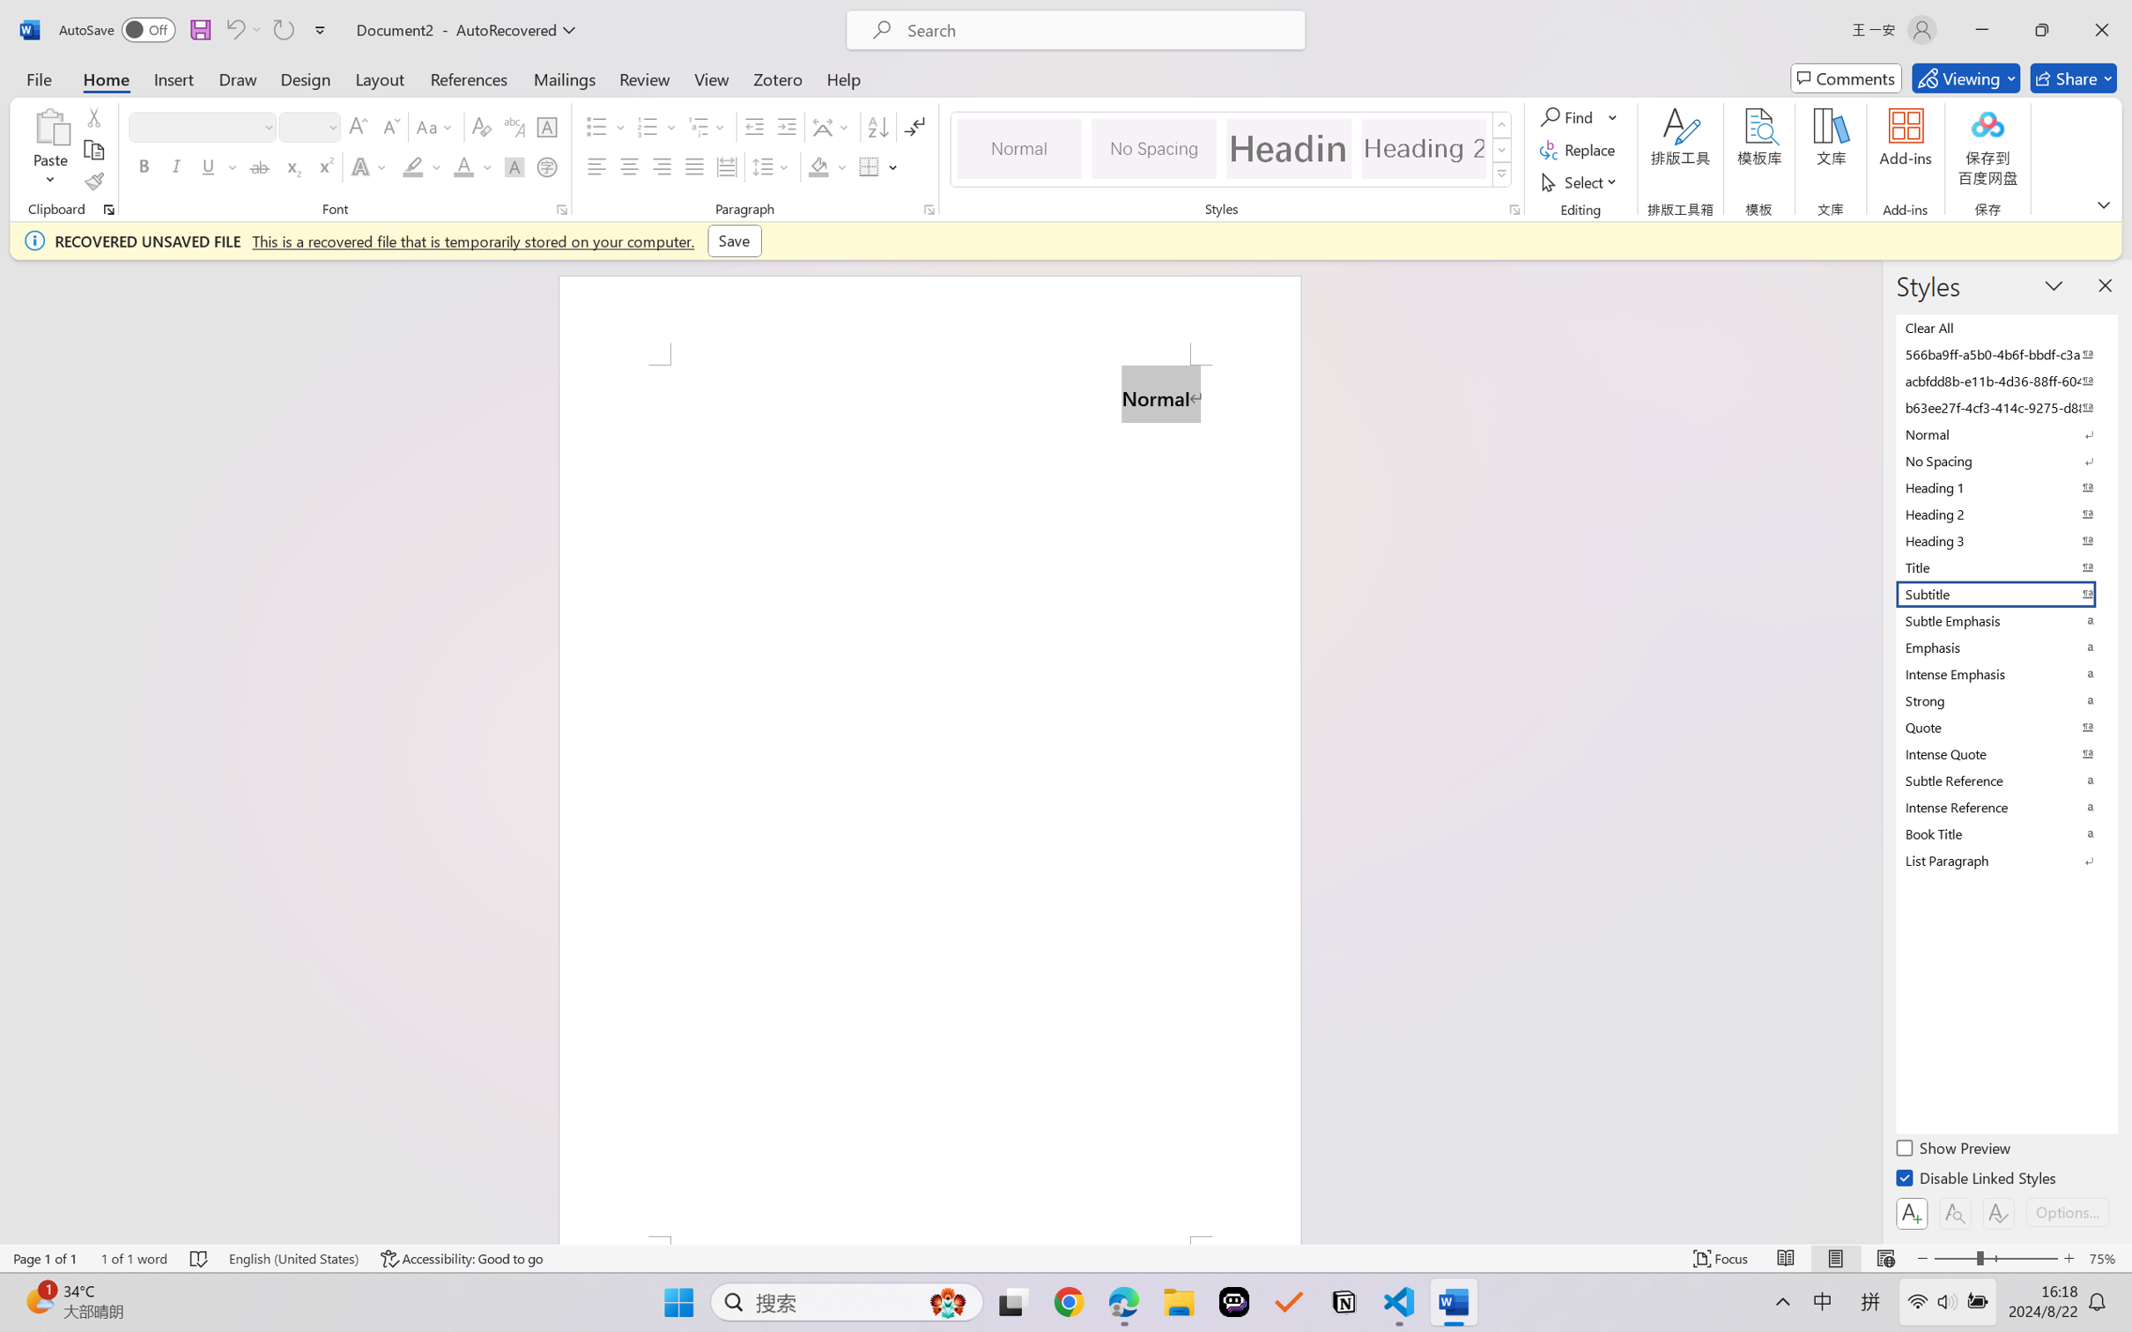 This screenshot has height=1332, width=2132. I want to click on 'Options...', so click(2065, 1211).